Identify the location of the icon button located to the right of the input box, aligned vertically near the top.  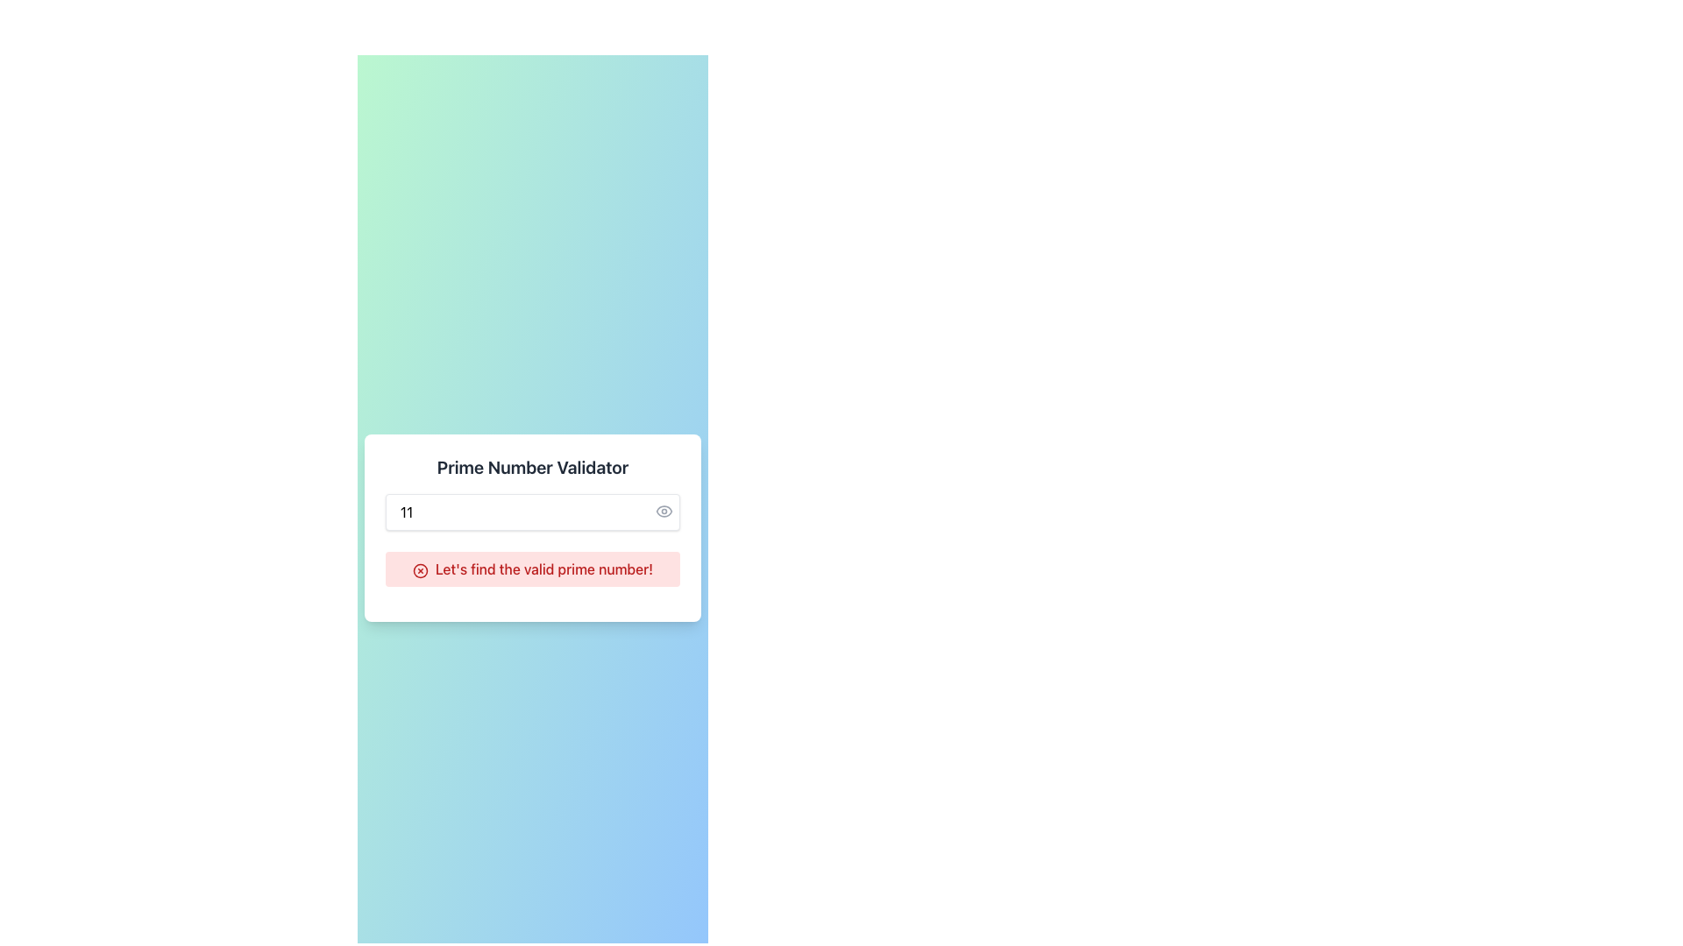
(664, 511).